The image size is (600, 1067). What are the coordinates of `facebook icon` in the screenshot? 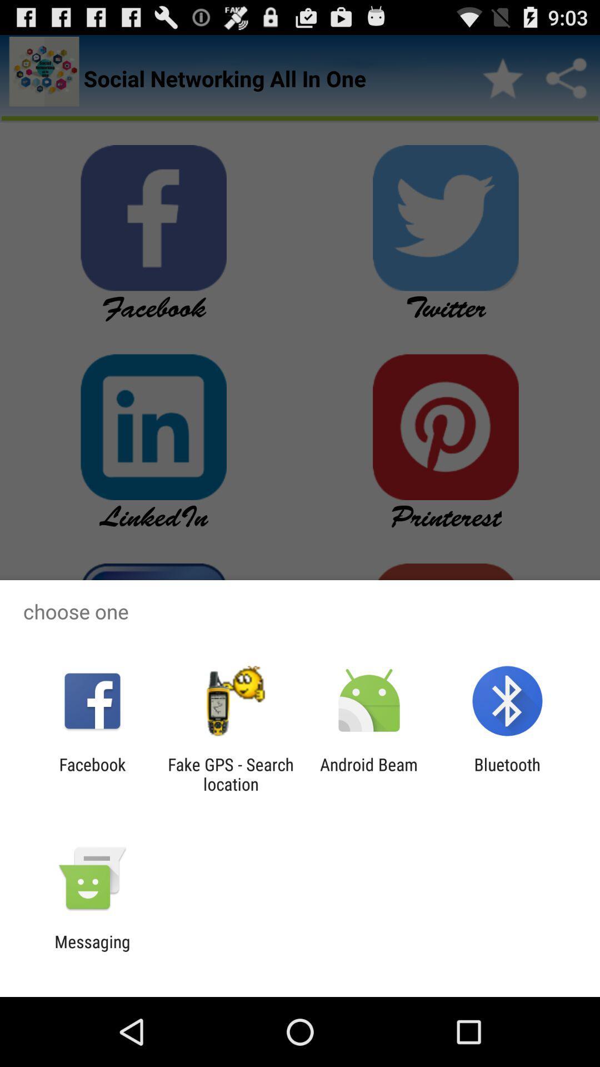 It's located at (92, 774).